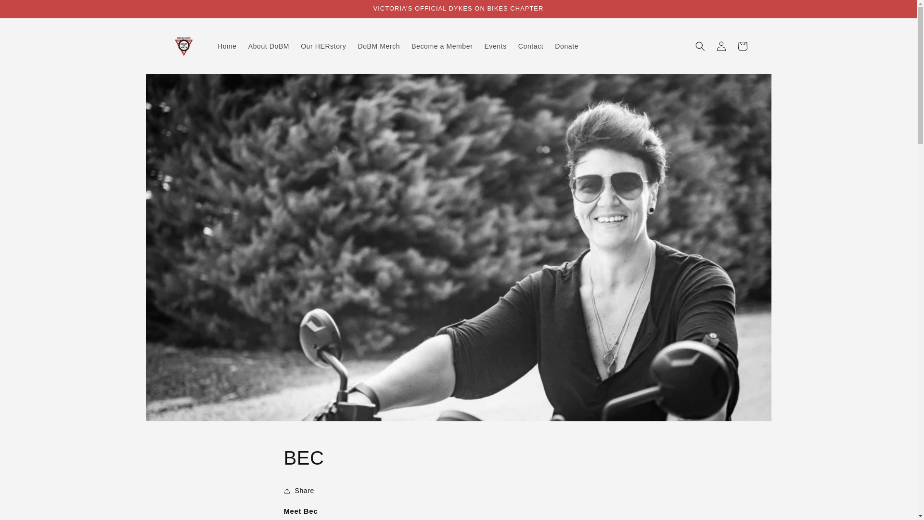 The width and height of the screenshot is (924, 520). I want to click on 'DoBM Merch', so click(378, 46).